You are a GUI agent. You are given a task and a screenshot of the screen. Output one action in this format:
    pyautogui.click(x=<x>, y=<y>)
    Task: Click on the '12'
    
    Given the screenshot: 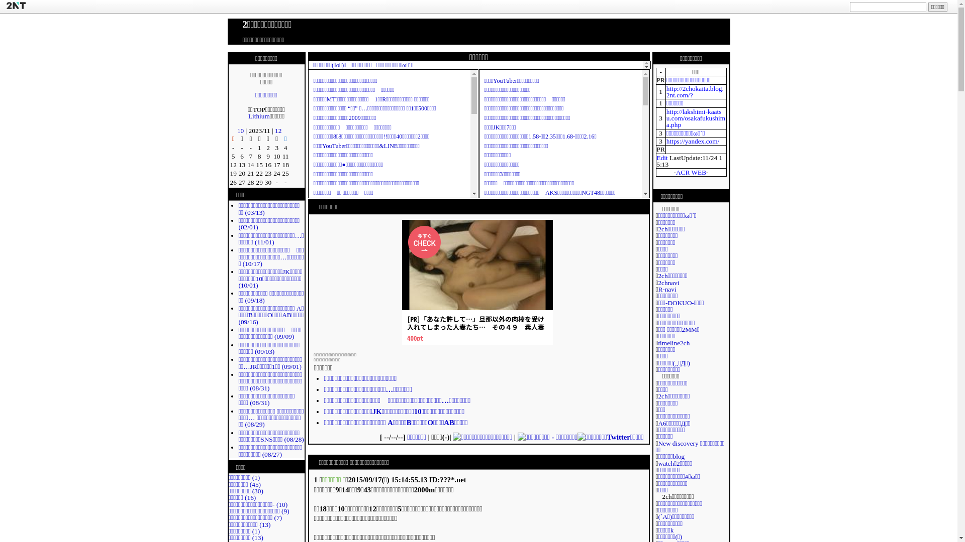 What is the action you would take?
    pyautogui.click(x=275, y=130)
    